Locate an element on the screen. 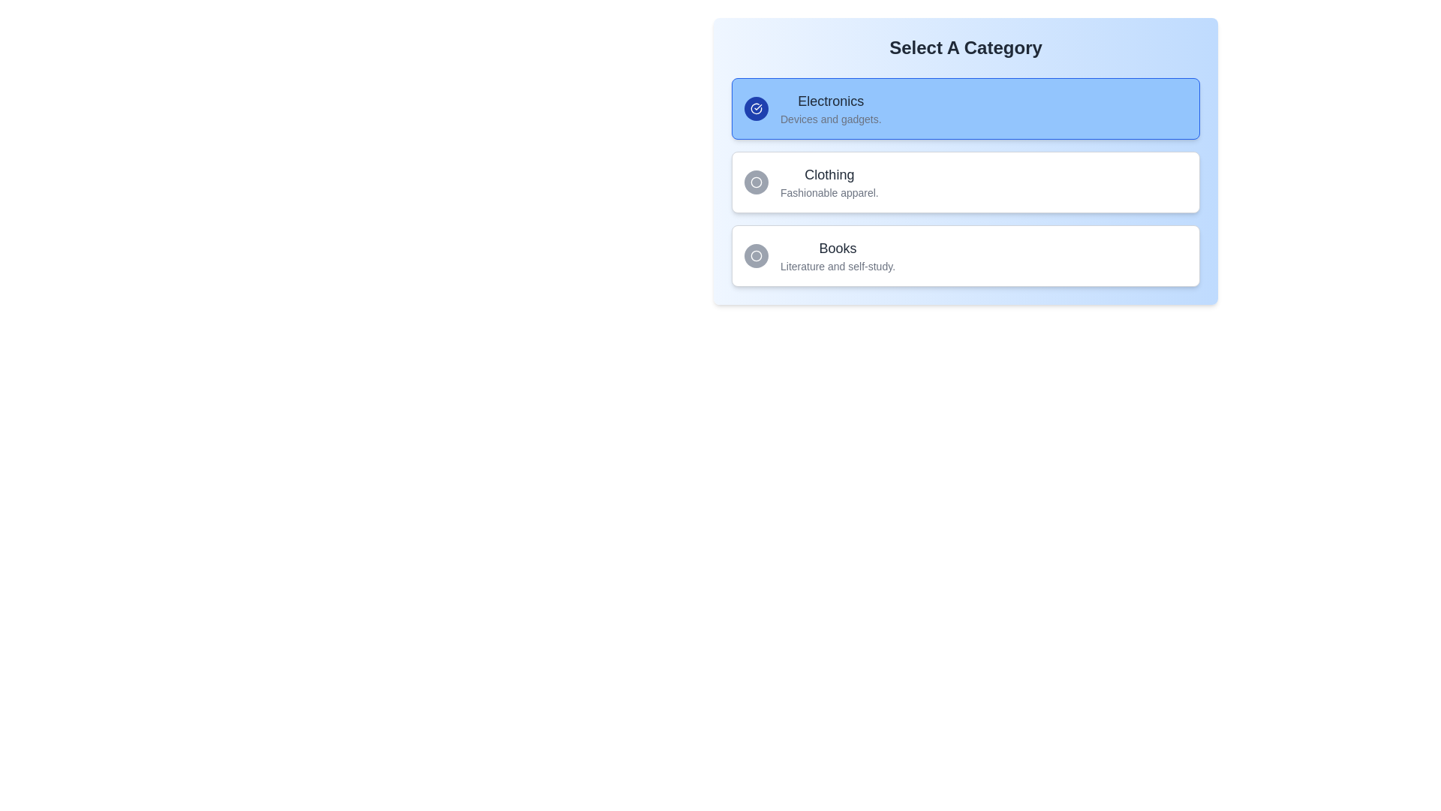 The height and width of the screenshot is (811, 1441). the leftmost circular icon representing the 'Electronics' category located at the top of the vertically stacked layout within the highlighted blue section is located at coordinates (757, 108).